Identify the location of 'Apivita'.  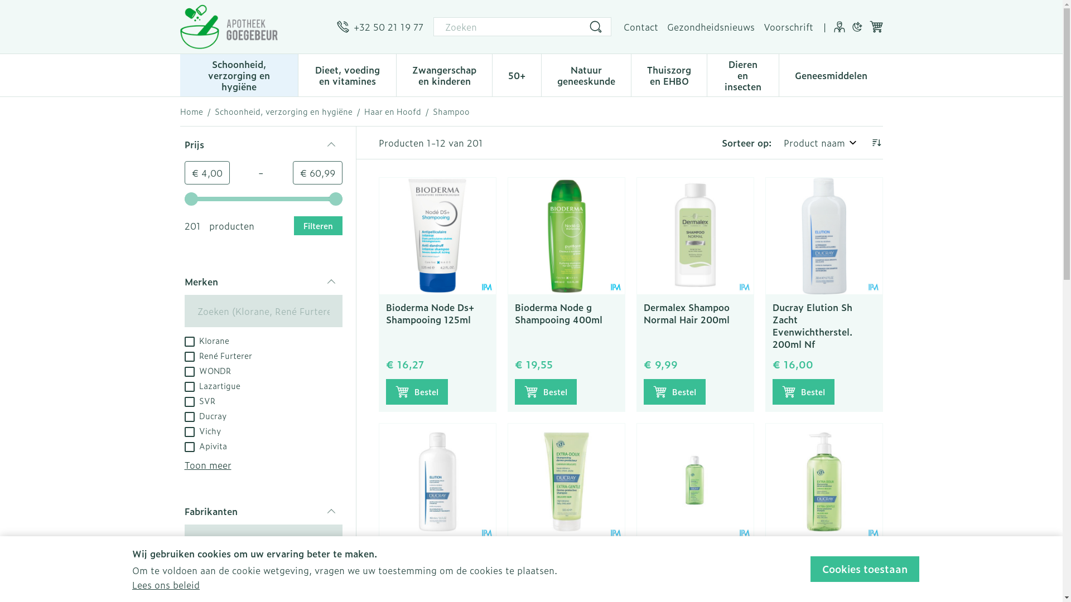
(205, 444).